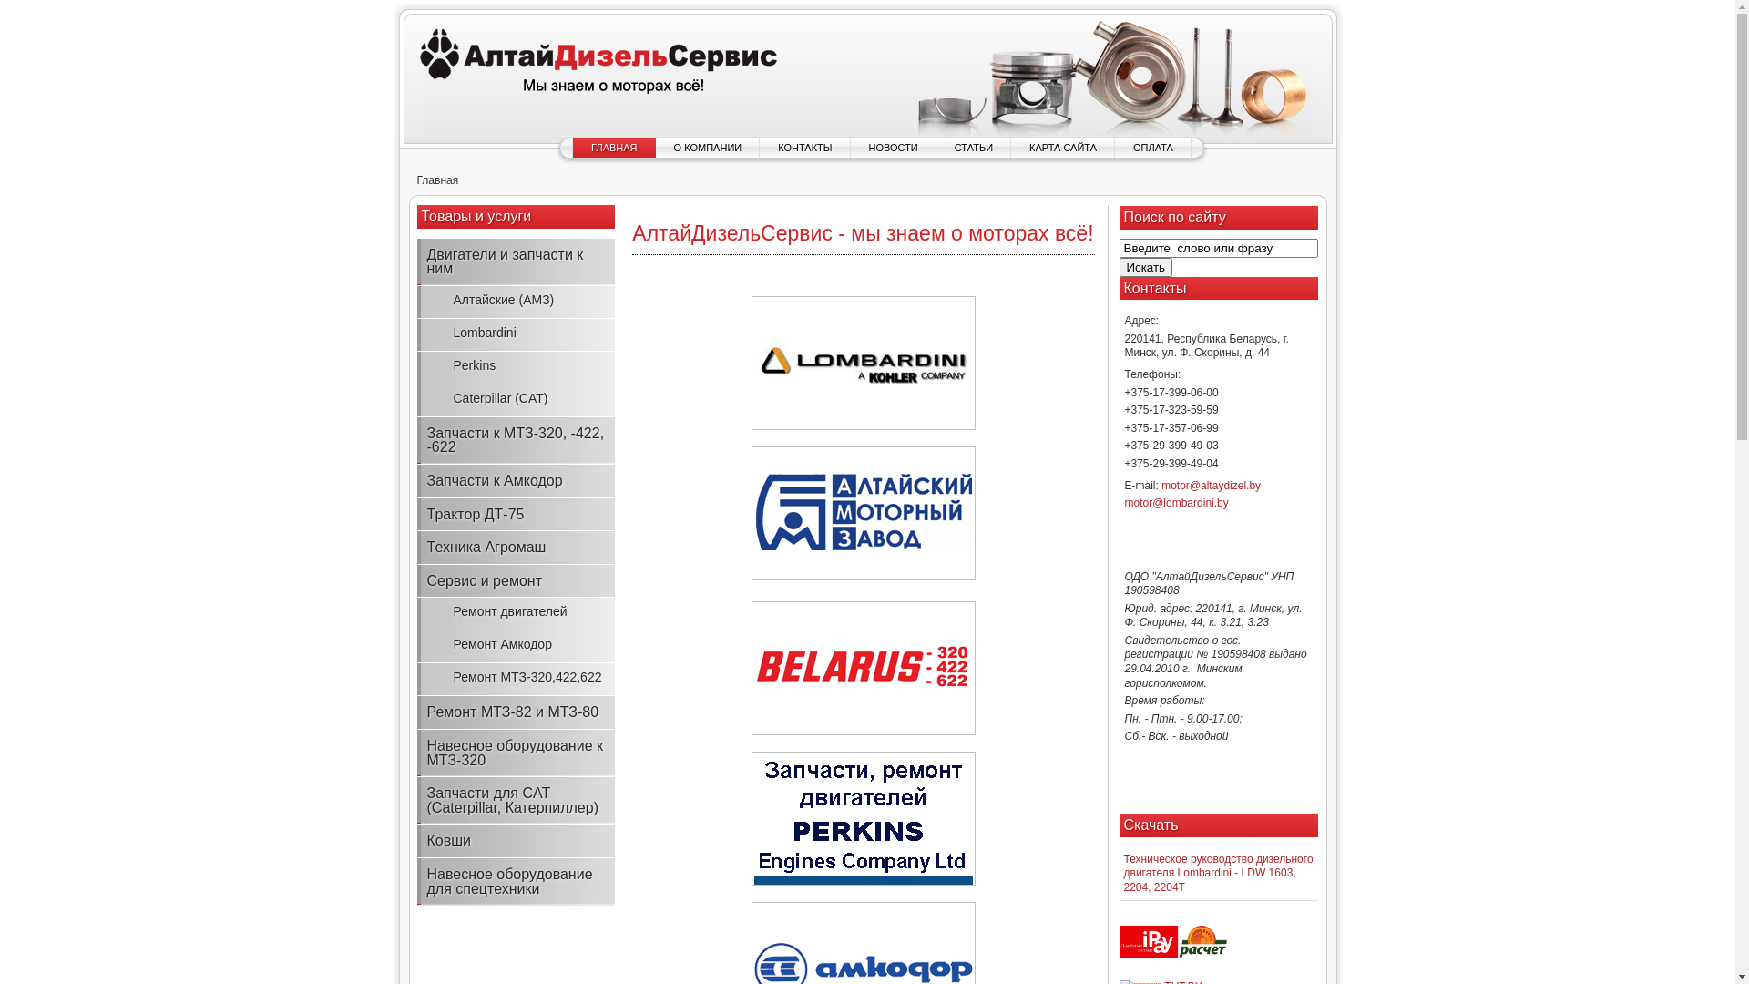 This screenshot has height=984, width=1749. Describe the element at coordinates (515, 399) in the screenshot. I see `'Caterpillar (CAT)'` at that location.